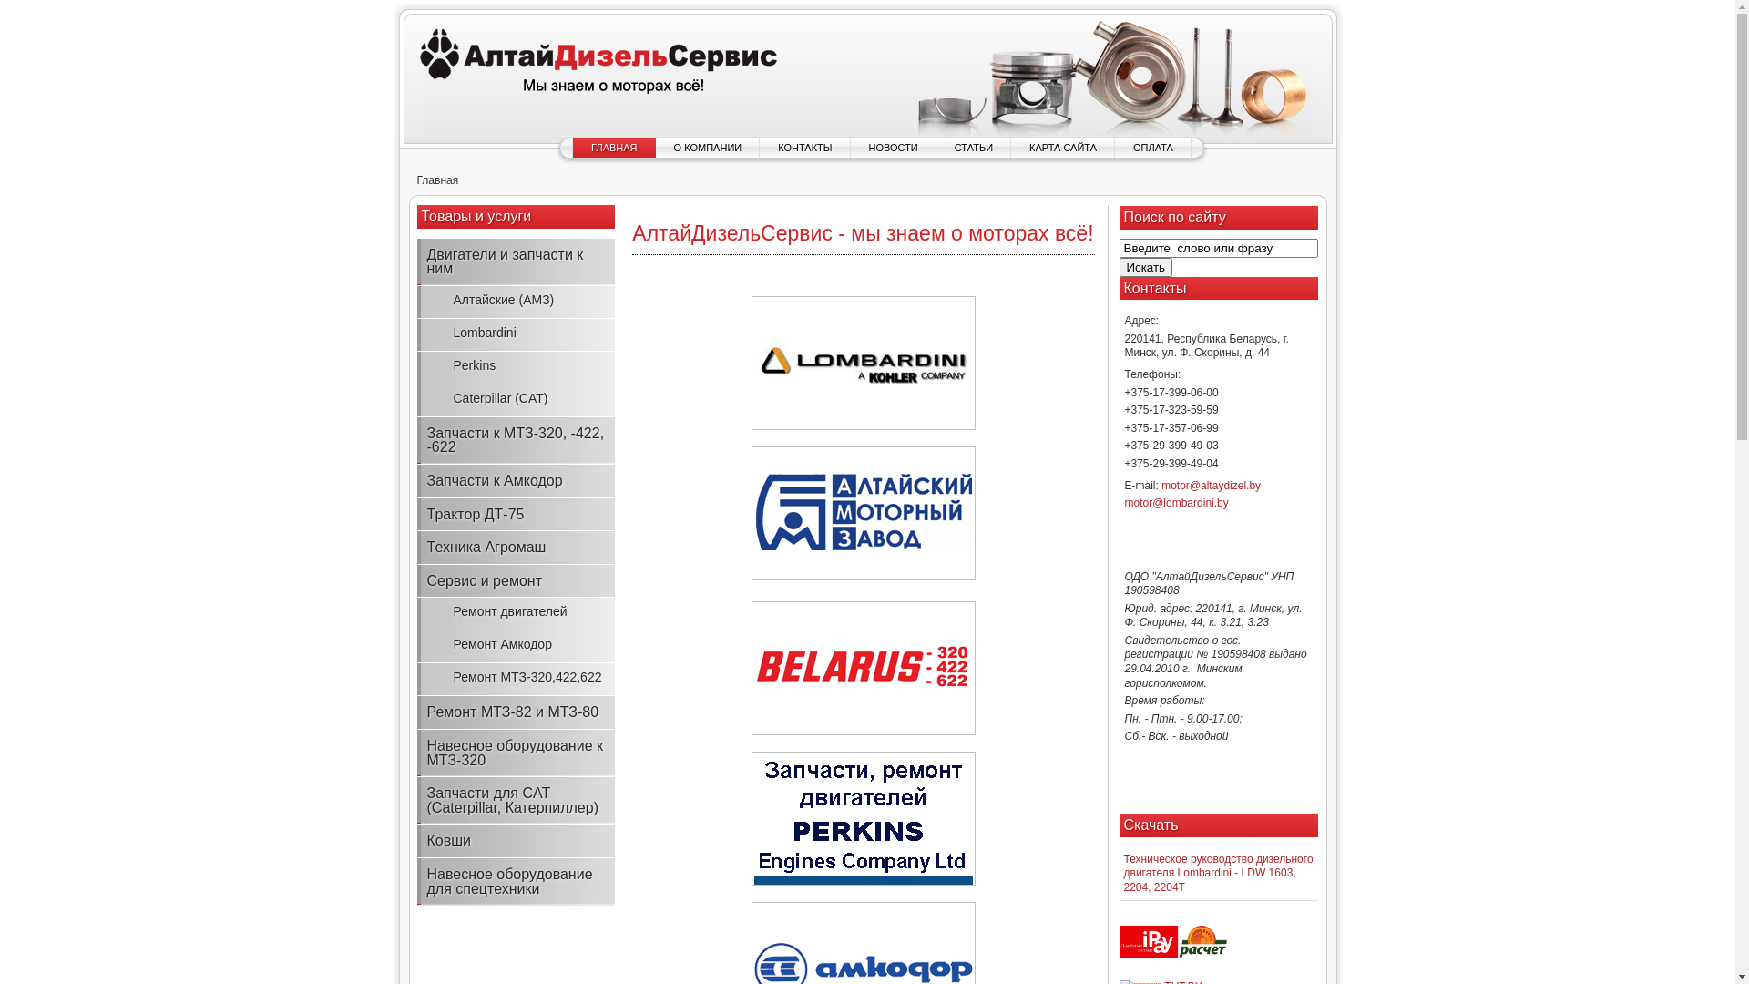 This screenshot has height=984, width=1749. Describe the element at coordinates (515, 399) in the screenshot. I see `'Caterpillar (CAT)'` at that location.